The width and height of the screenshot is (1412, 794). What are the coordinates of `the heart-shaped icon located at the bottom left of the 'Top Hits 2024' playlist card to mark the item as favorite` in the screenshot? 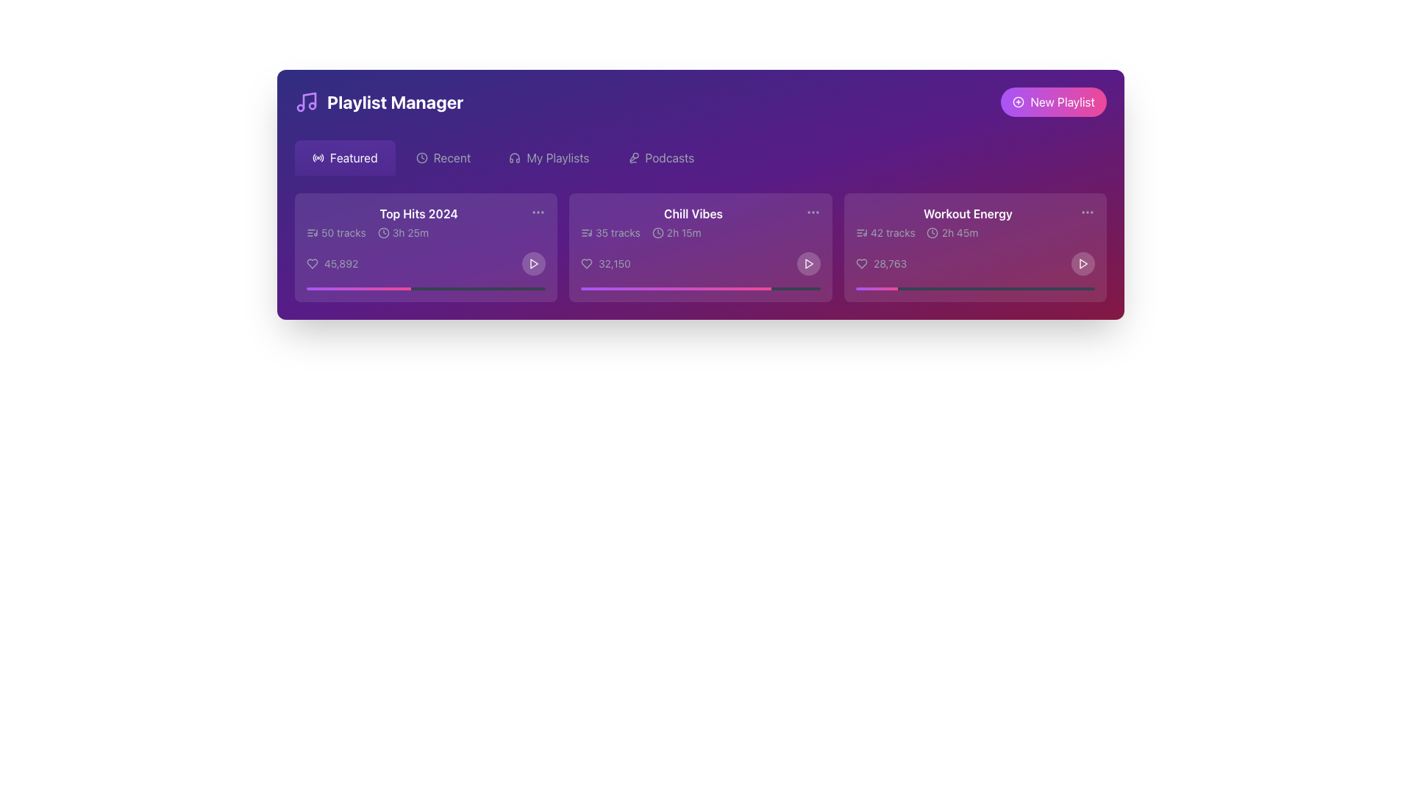 It's located at (312, 262).